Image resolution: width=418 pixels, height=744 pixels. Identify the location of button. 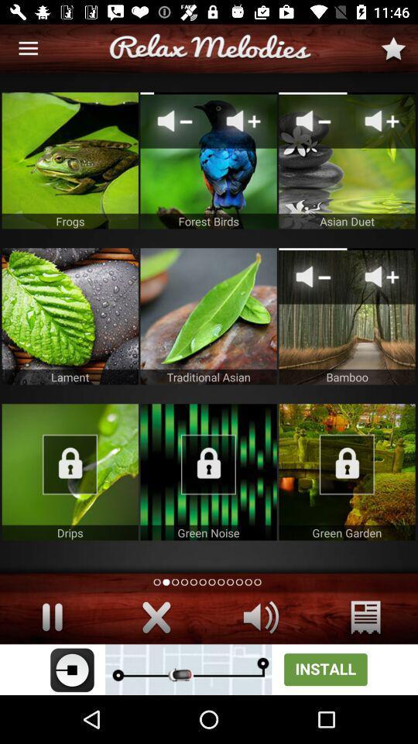
(156, 617).